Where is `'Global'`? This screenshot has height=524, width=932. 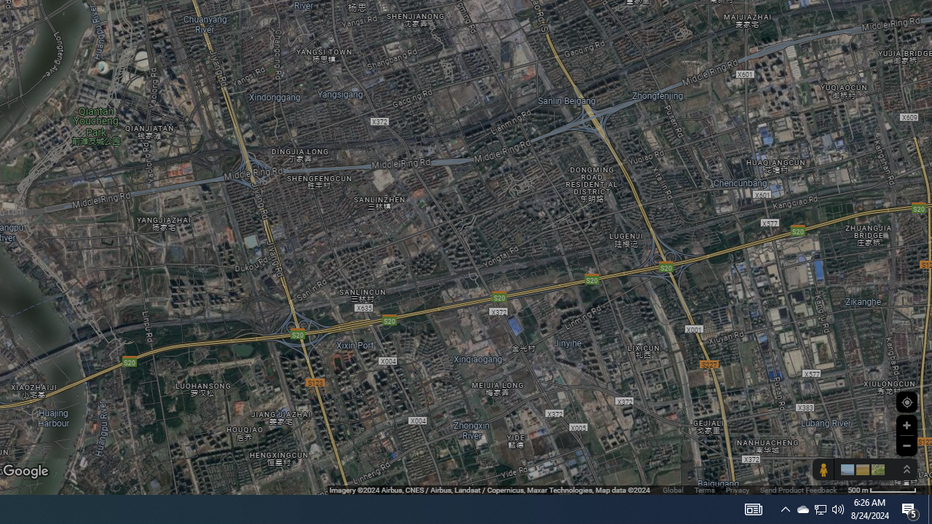
'Global' is located at coordinates (672, 490).